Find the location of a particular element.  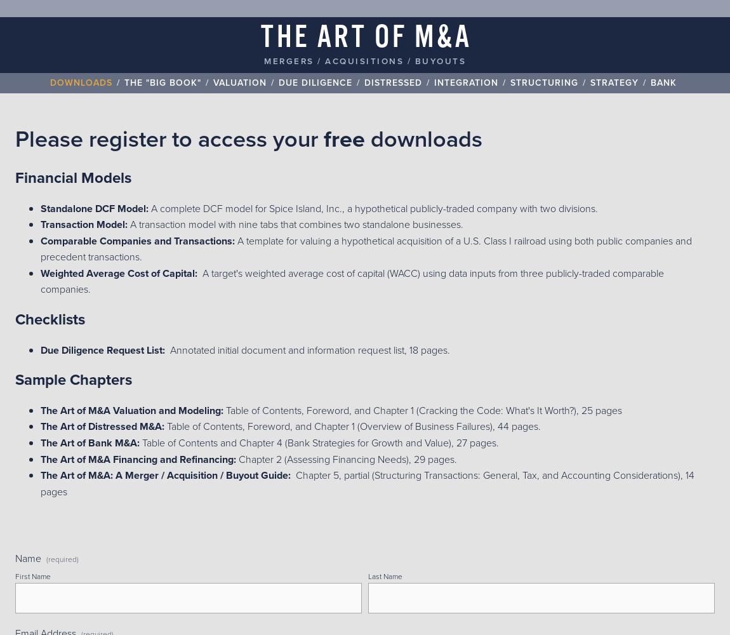

'The Art of M&A' is located at coordinates (261, 38).